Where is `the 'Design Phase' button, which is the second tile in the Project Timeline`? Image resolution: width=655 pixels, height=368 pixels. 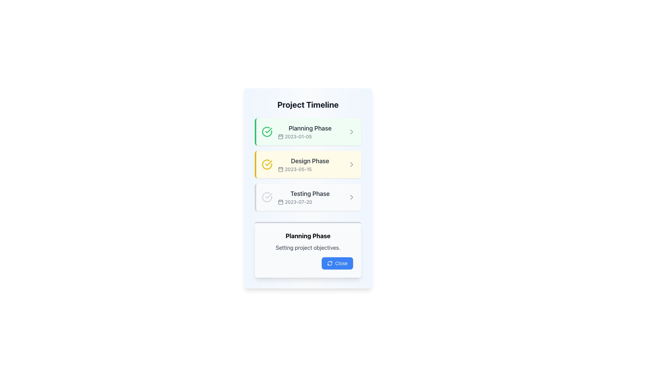
the 'Design Phase' button, which is the second tile in the Project Timeline is located at coordinates (307, 164).